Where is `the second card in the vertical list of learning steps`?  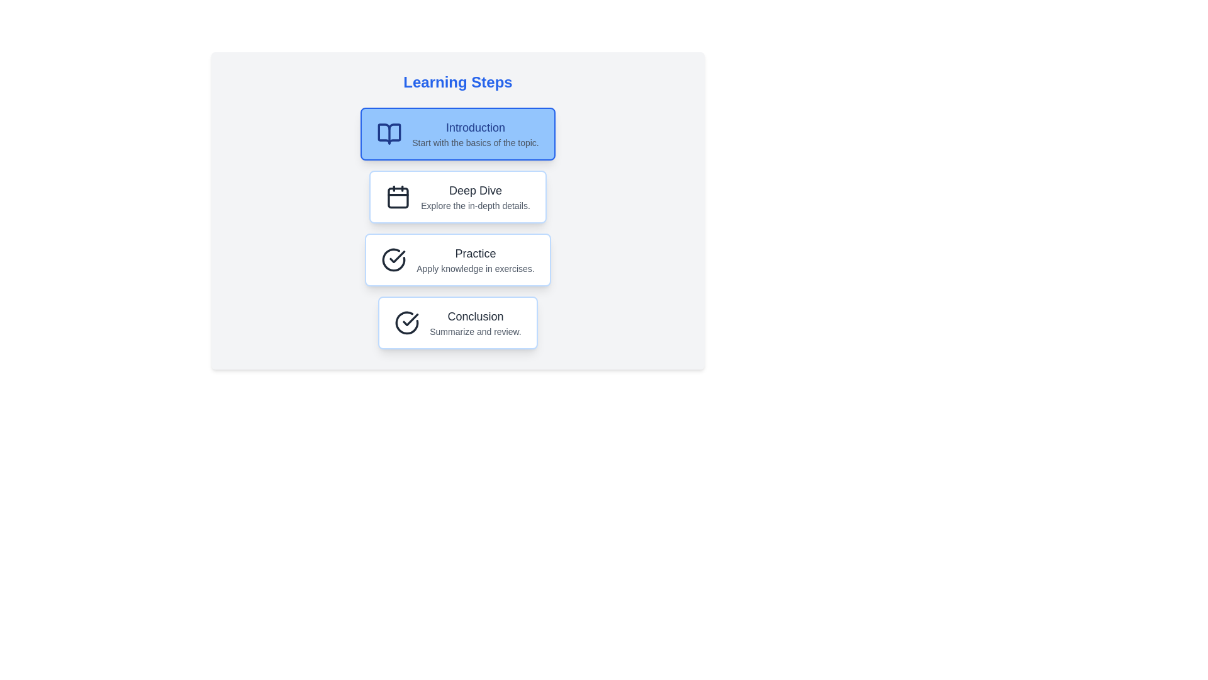
the second card in the vertical list of learning steps is located at coordinates (457, 196).